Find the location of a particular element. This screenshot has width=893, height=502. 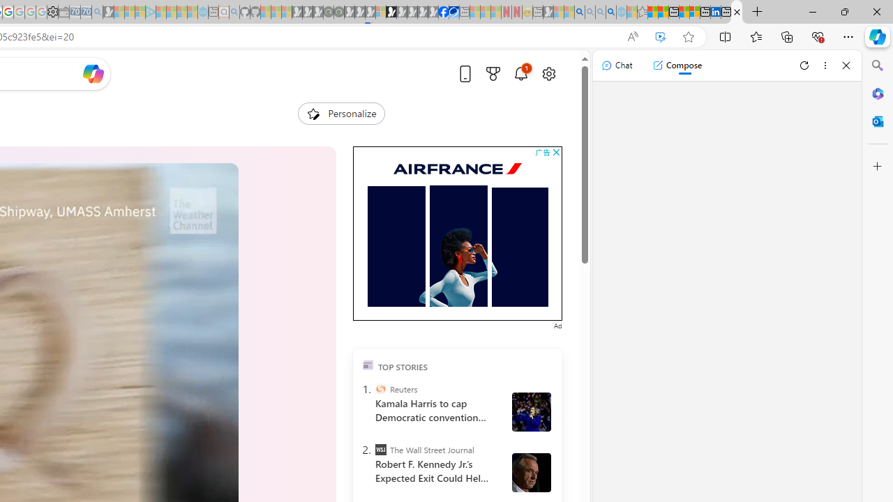

'Future Focus Report 2024 - Sleeping' is located at coordinates (338, 12).